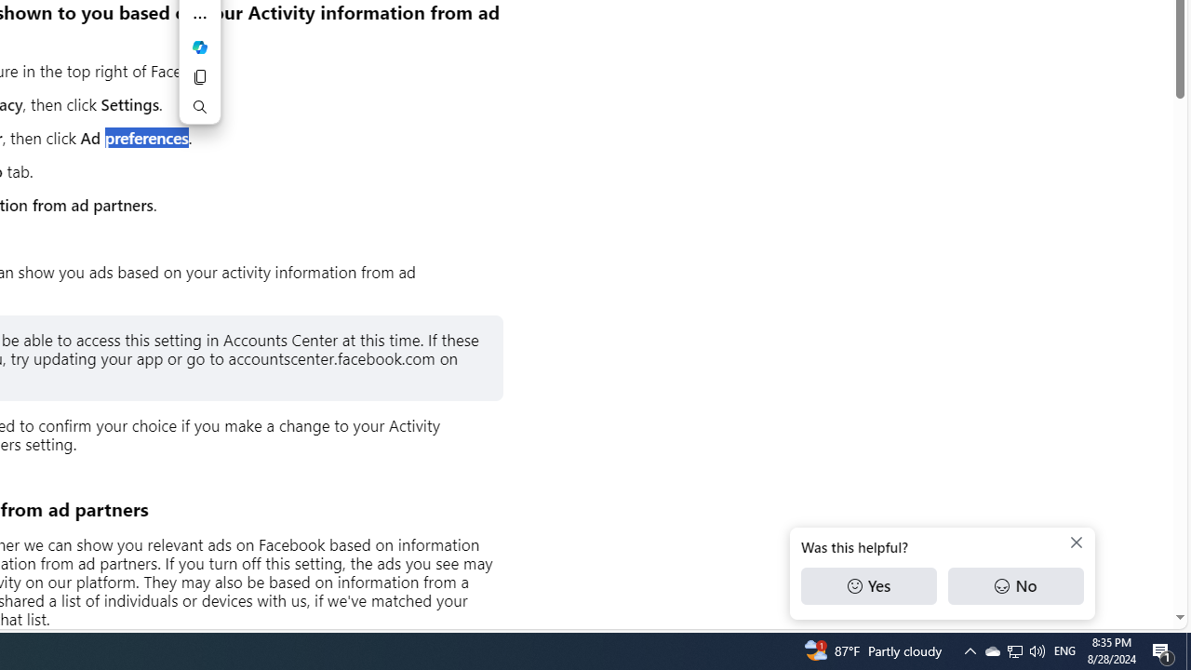 This screenshot has width=1191, height=670. Describe the element at coordinates (1014, 586) in the screenshot. I see `'No'` at that location.